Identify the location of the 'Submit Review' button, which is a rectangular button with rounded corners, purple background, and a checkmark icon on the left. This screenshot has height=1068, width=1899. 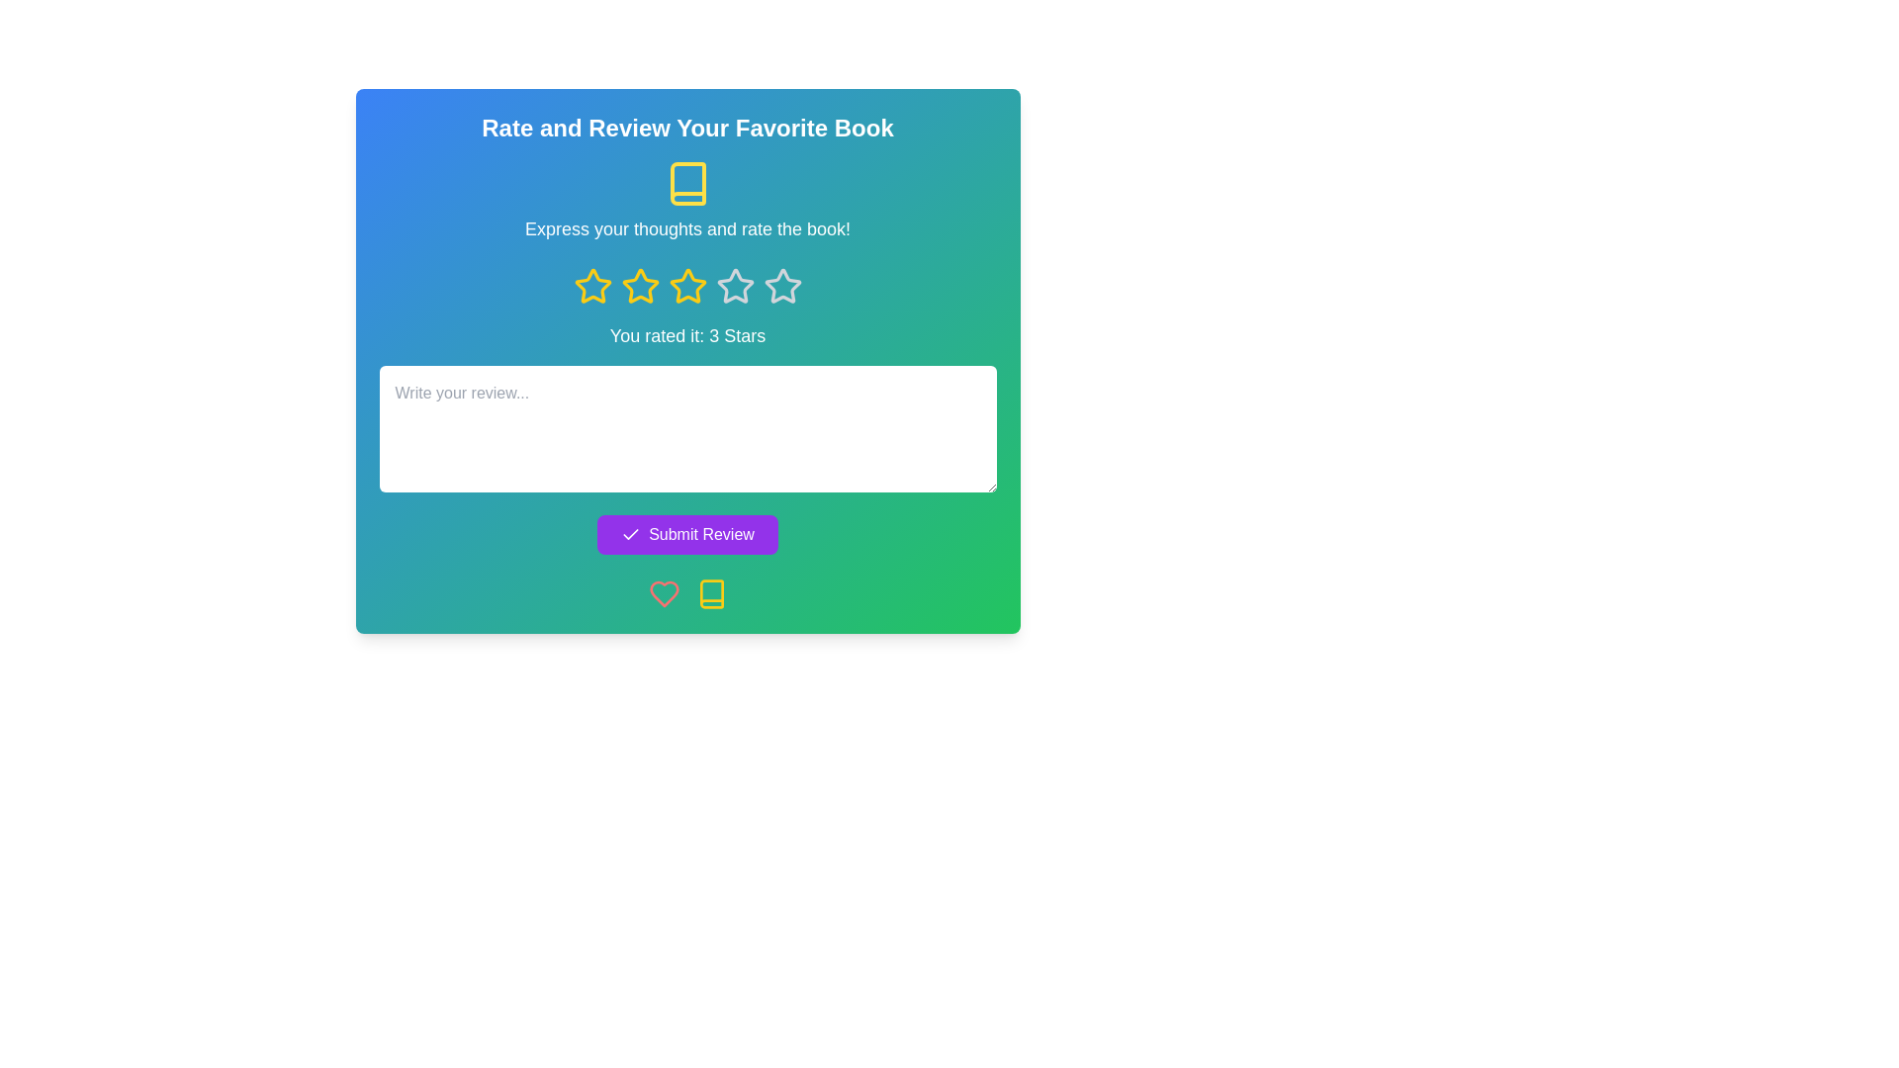
(687, 534).